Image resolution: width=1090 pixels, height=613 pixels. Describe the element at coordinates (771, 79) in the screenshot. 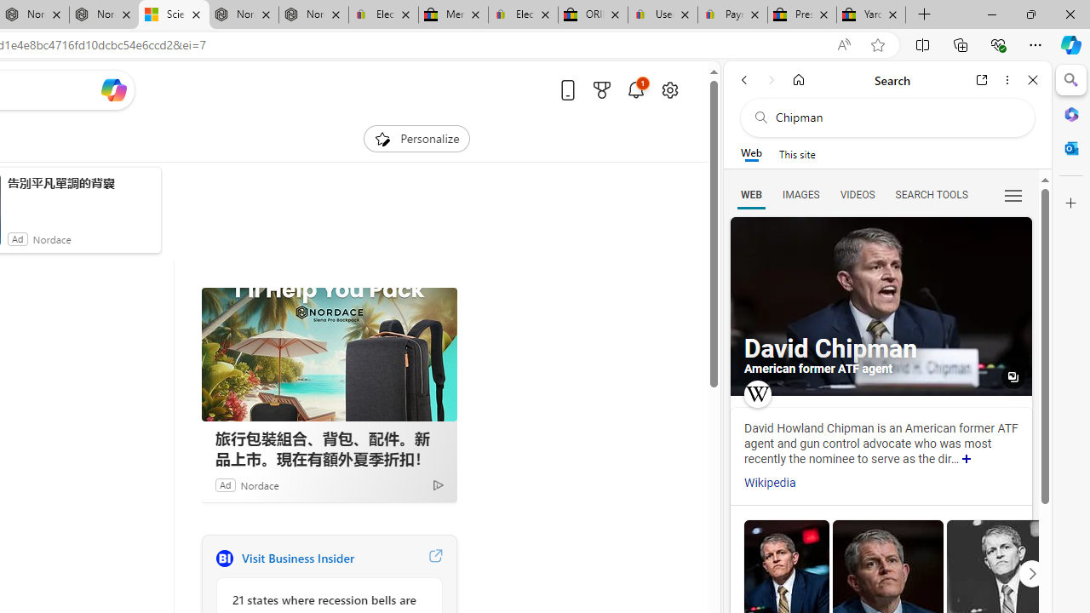

I see `'Forward'` at that location.